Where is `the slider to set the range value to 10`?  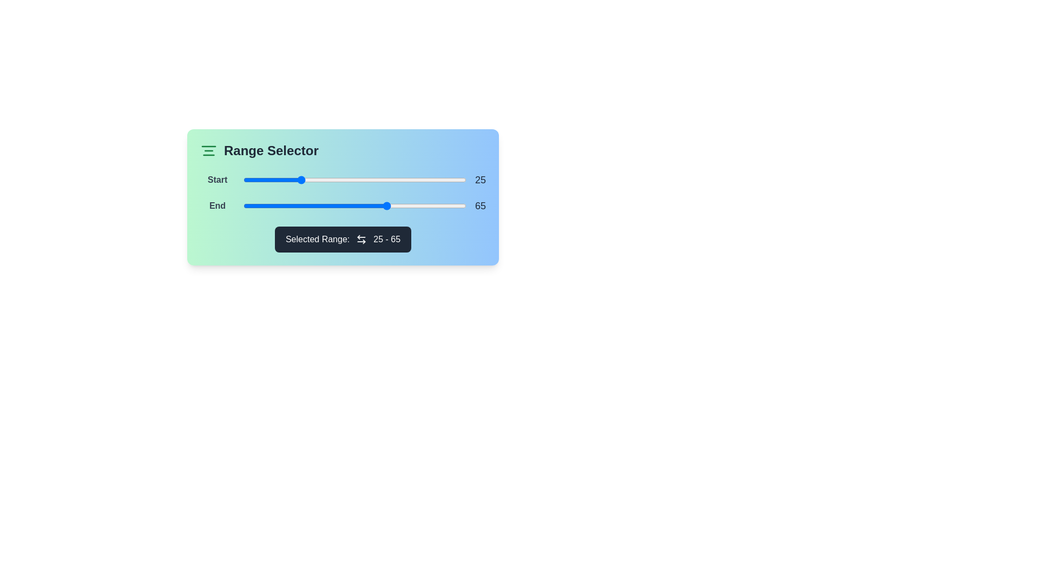 the slider to set the range value to 10 is located at coordinates (266, 179).